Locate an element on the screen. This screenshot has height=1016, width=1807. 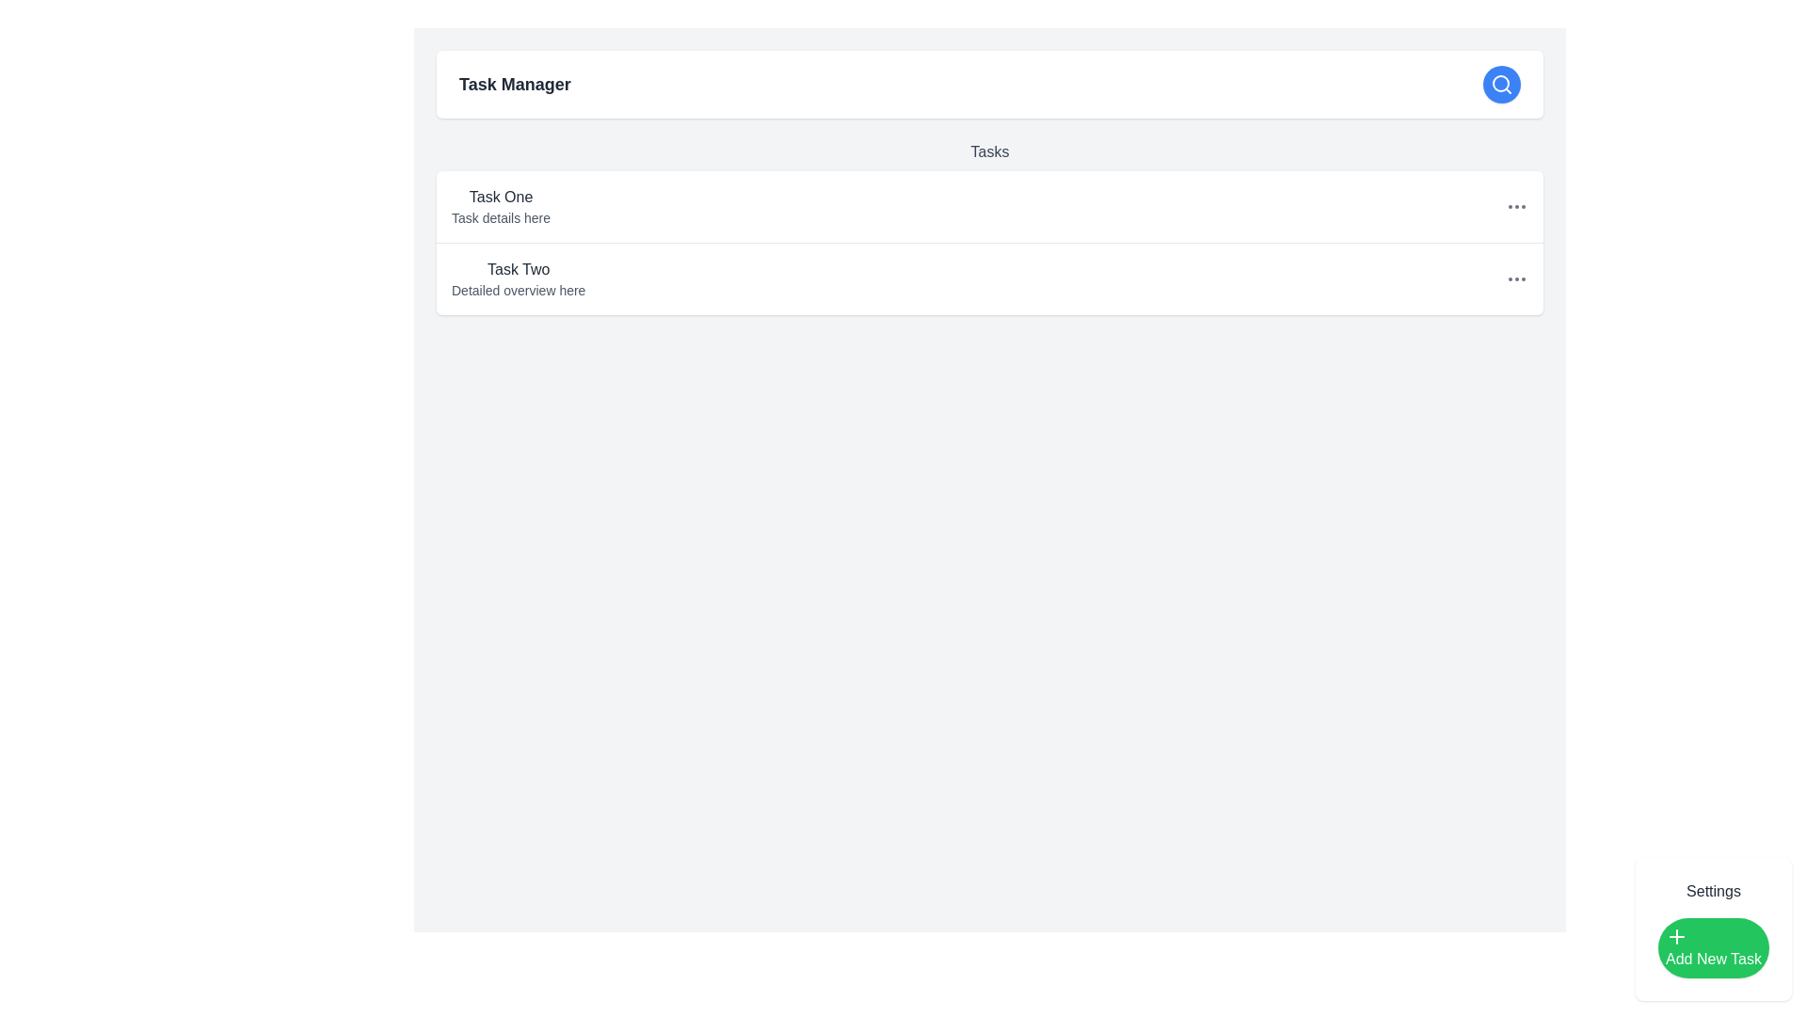
the Text label that displays the title or name of a task item, located at the upper-left section of the 'Tasks' list view, positioned just above the text 'Task details here' is located at coordinates (501, 197).